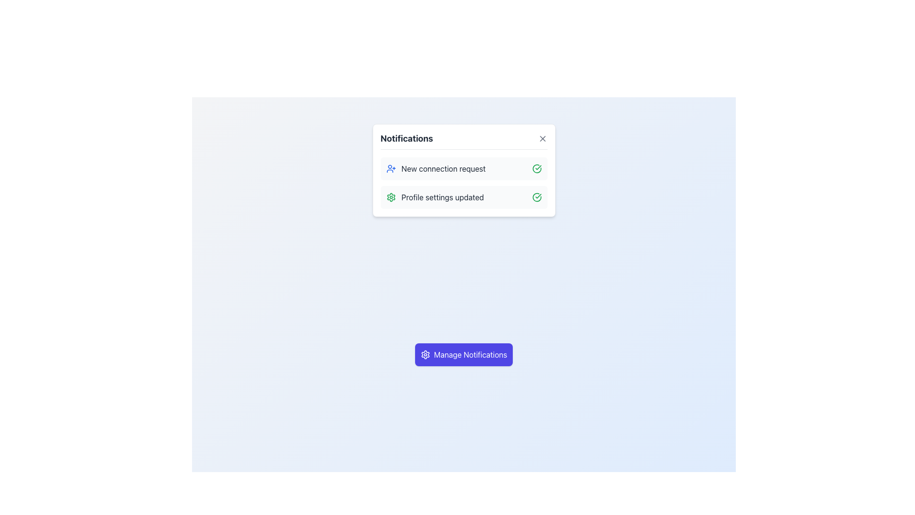 Image resolution: width=915 pixels, height=515 pixels. What do you see at coordinates (542, 138) in the screenshot?
I see `the close button icon located in the top-right corner of the notification box` at bounding box center [542, 138].